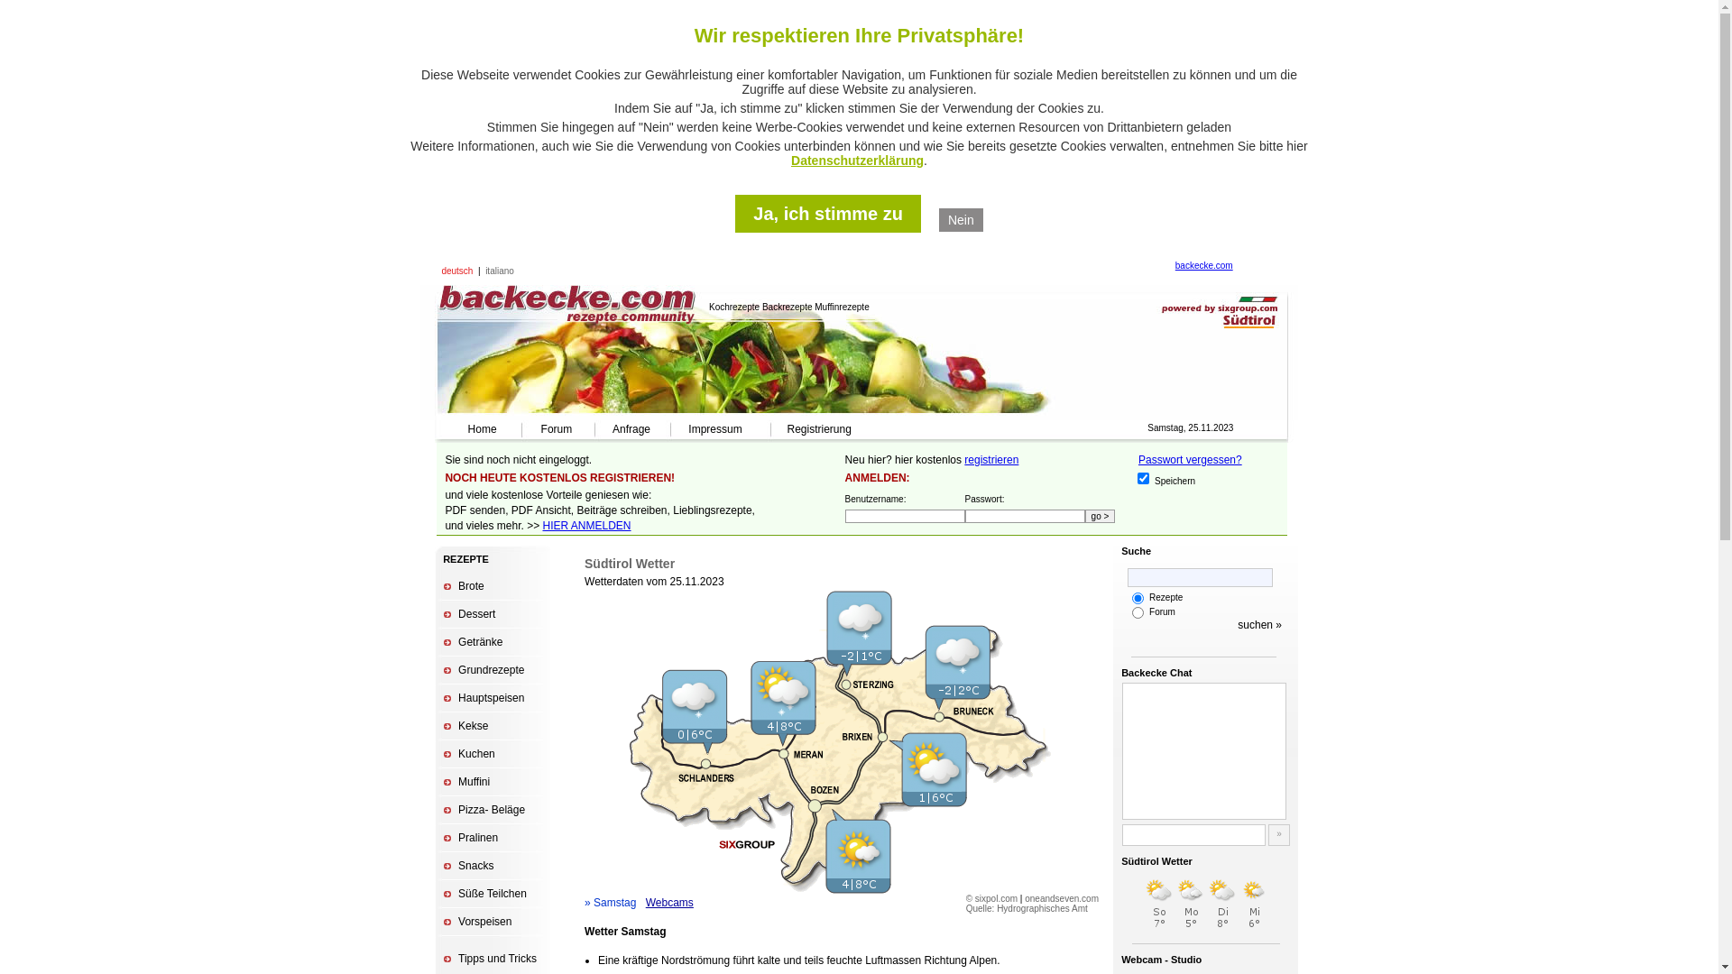  Describe the element at coordinates (477, 838) in the screenshot. I see `'Pralinen'` at that location.